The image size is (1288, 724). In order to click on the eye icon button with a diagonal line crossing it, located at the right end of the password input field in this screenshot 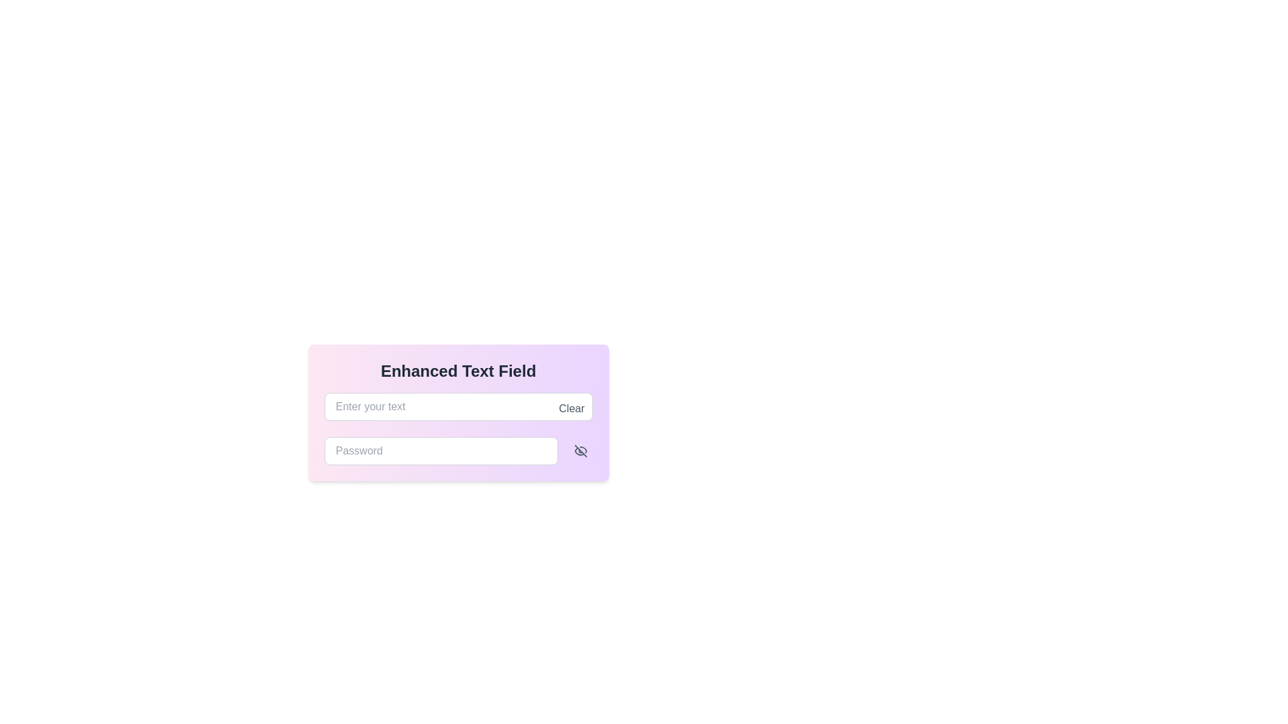, I will do `click(580, 450)`.